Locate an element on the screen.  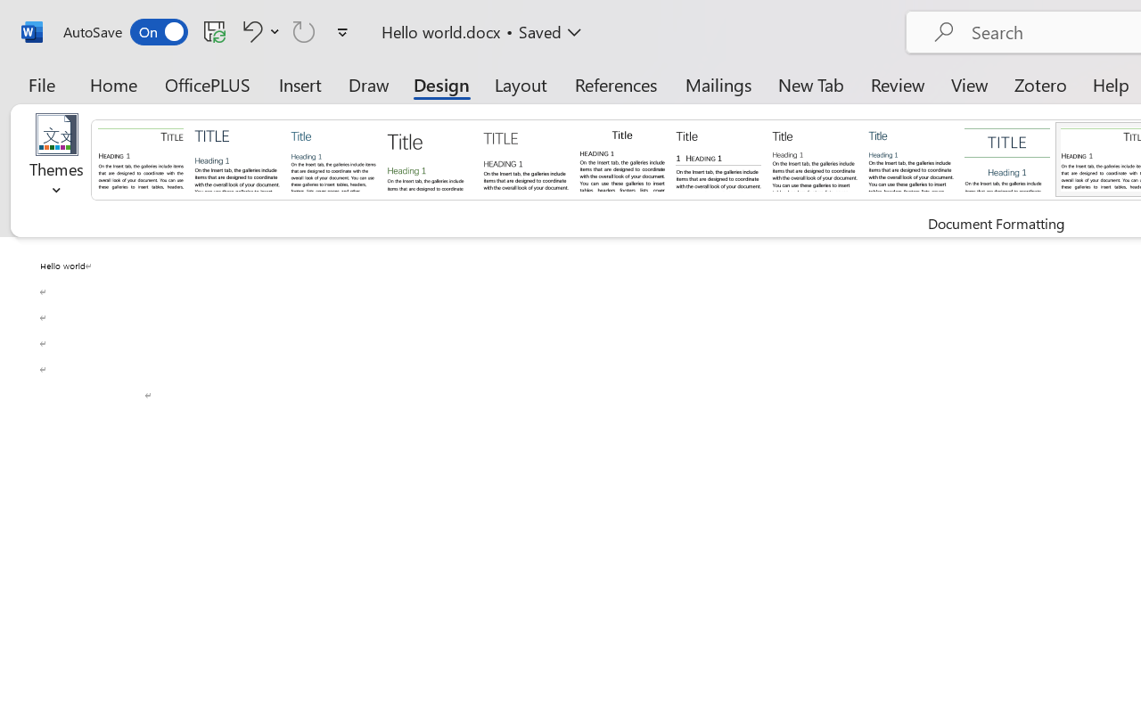
'Home' is located at coordinates (113, 84).